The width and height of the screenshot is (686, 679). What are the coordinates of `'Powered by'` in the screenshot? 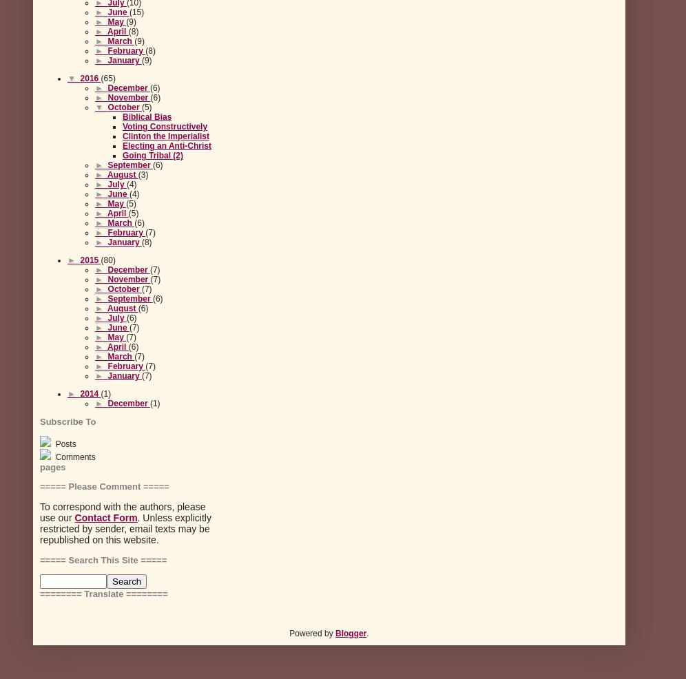 It's located at (312, 634).